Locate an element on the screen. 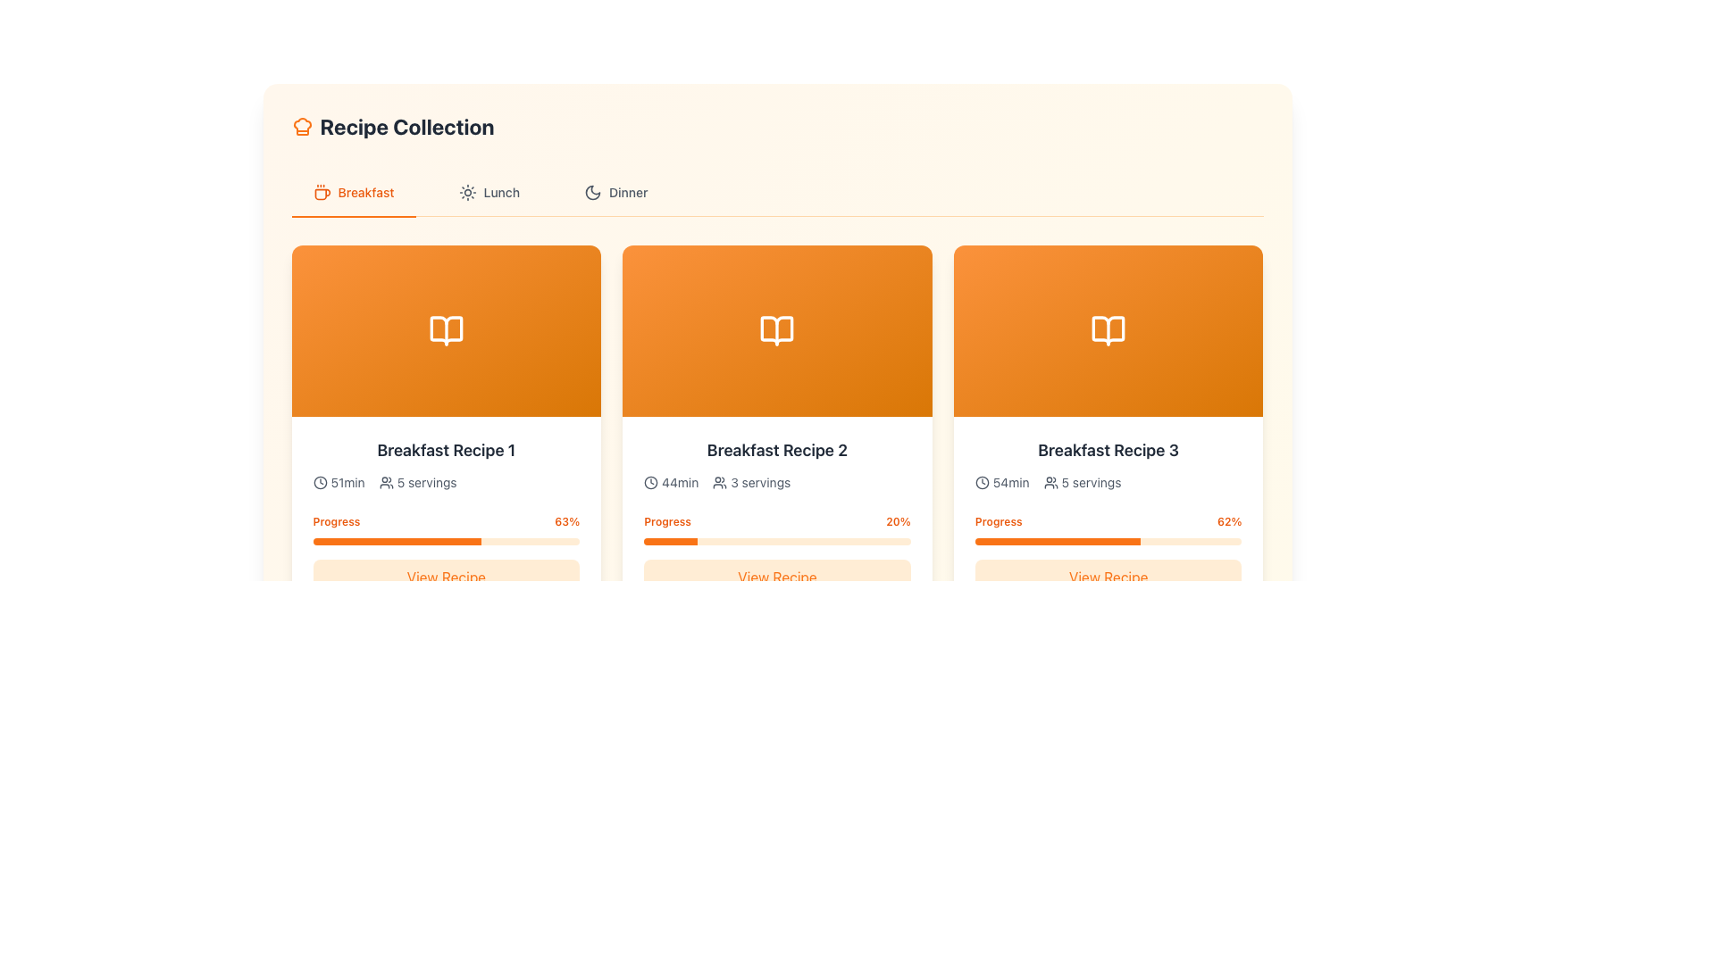 This screenshot has height=964, width=1715. progress status of the progress bar located in the third recipe card, which is situated below the recipe details and above the 'View Recipe' button is located at coordinates (446, 918).